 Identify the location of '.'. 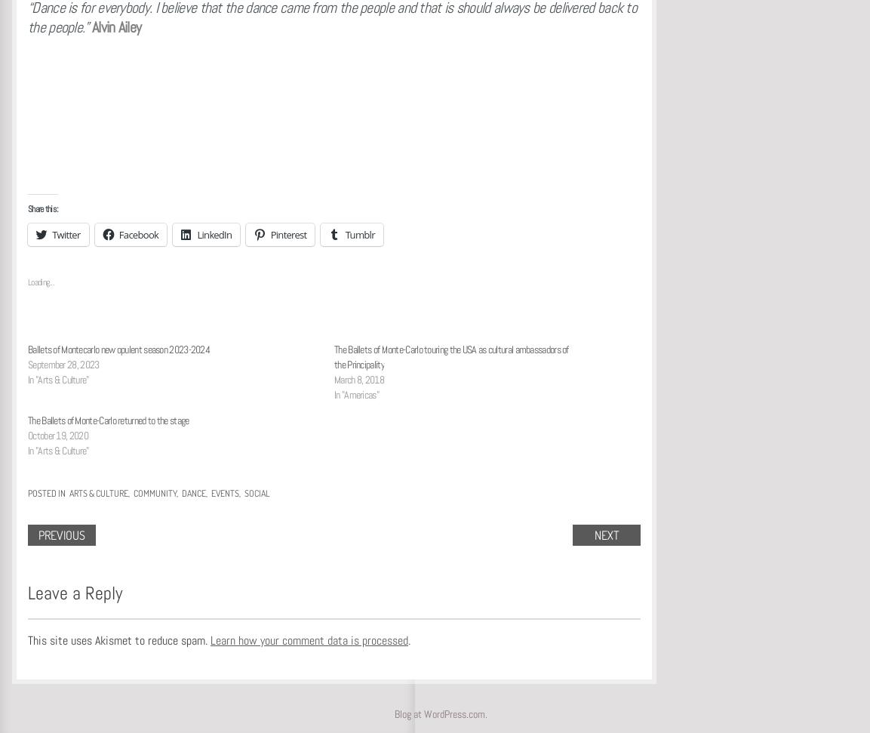
(408, 639).